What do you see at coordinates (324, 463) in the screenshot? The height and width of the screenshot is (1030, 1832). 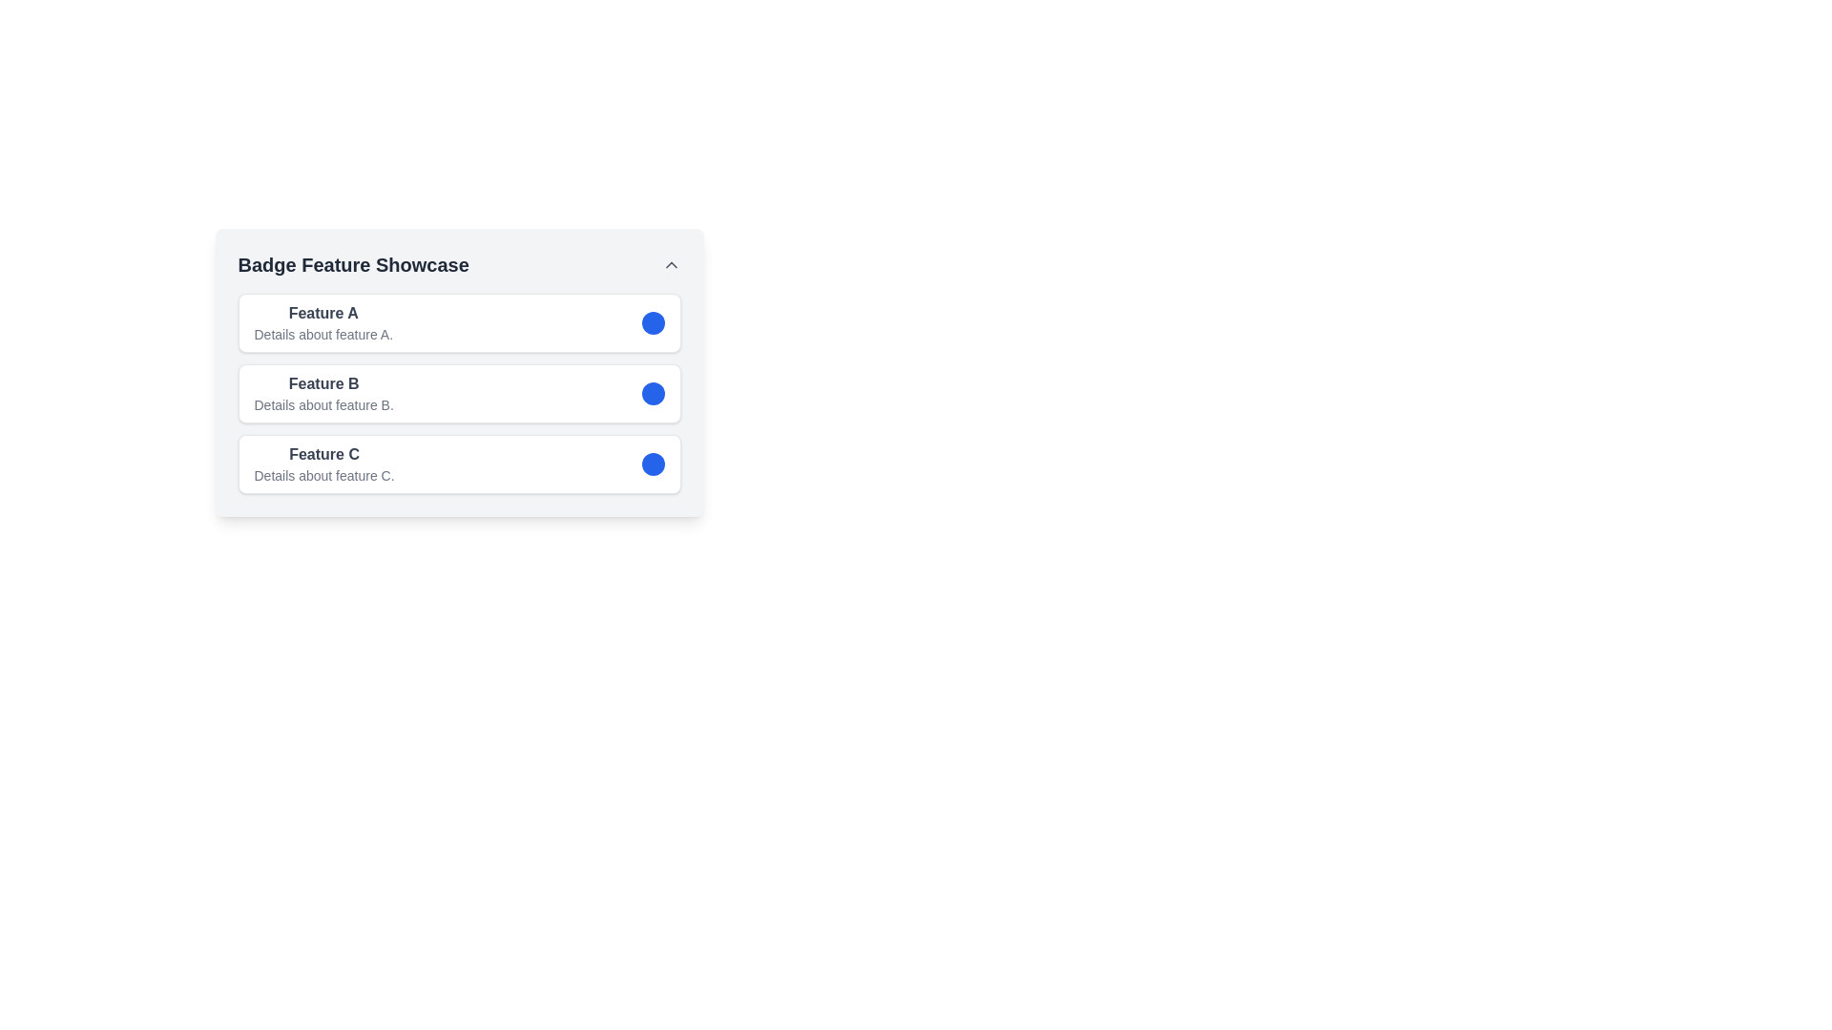 I see `text content of the descriptive label for 'Feature C', which is the third entry in the list under the 'Badge Feature Showcase' heading` at bounding box center [324, 463].